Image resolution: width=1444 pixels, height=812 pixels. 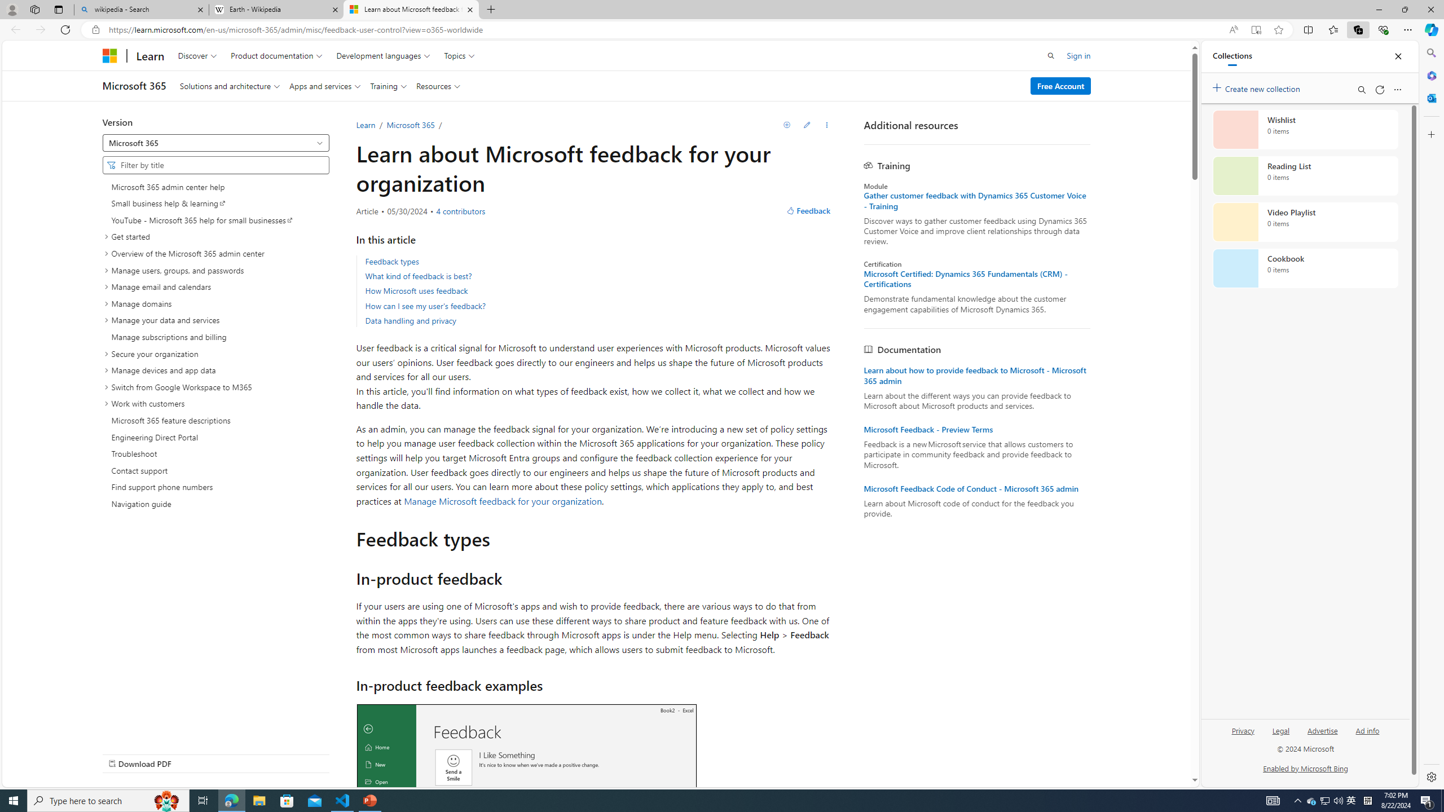 I want to click on 'Microsoft', so click(x=109, y=55).